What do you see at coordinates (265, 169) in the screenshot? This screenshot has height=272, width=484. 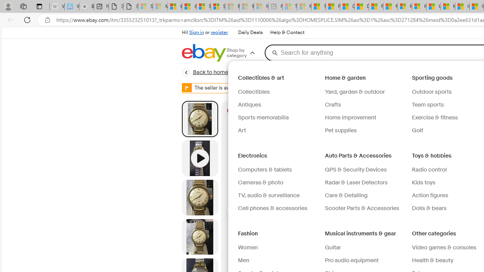 I see `'Computers & tablets'` at bounding box center [265, 169].